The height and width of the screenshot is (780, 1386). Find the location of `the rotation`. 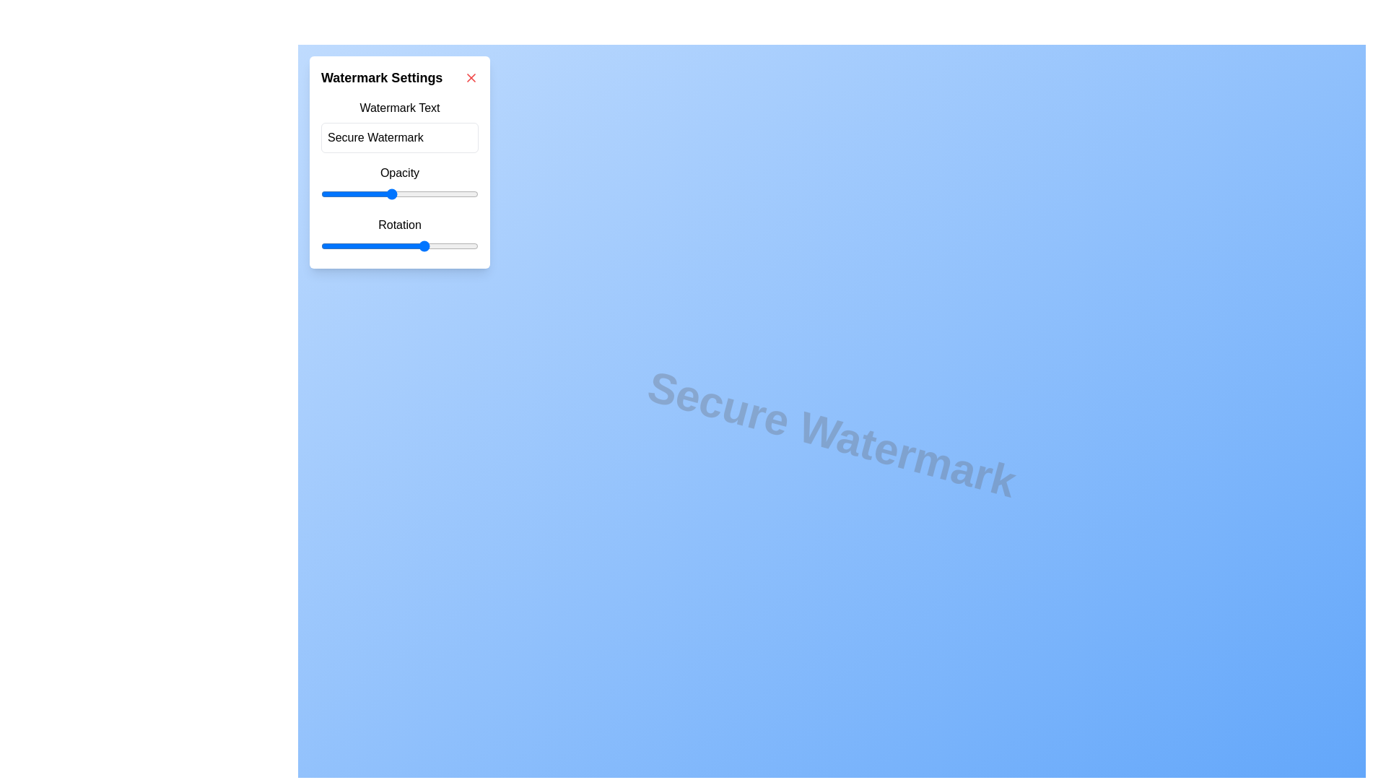

the rotation is located at coordinates (322, 245).